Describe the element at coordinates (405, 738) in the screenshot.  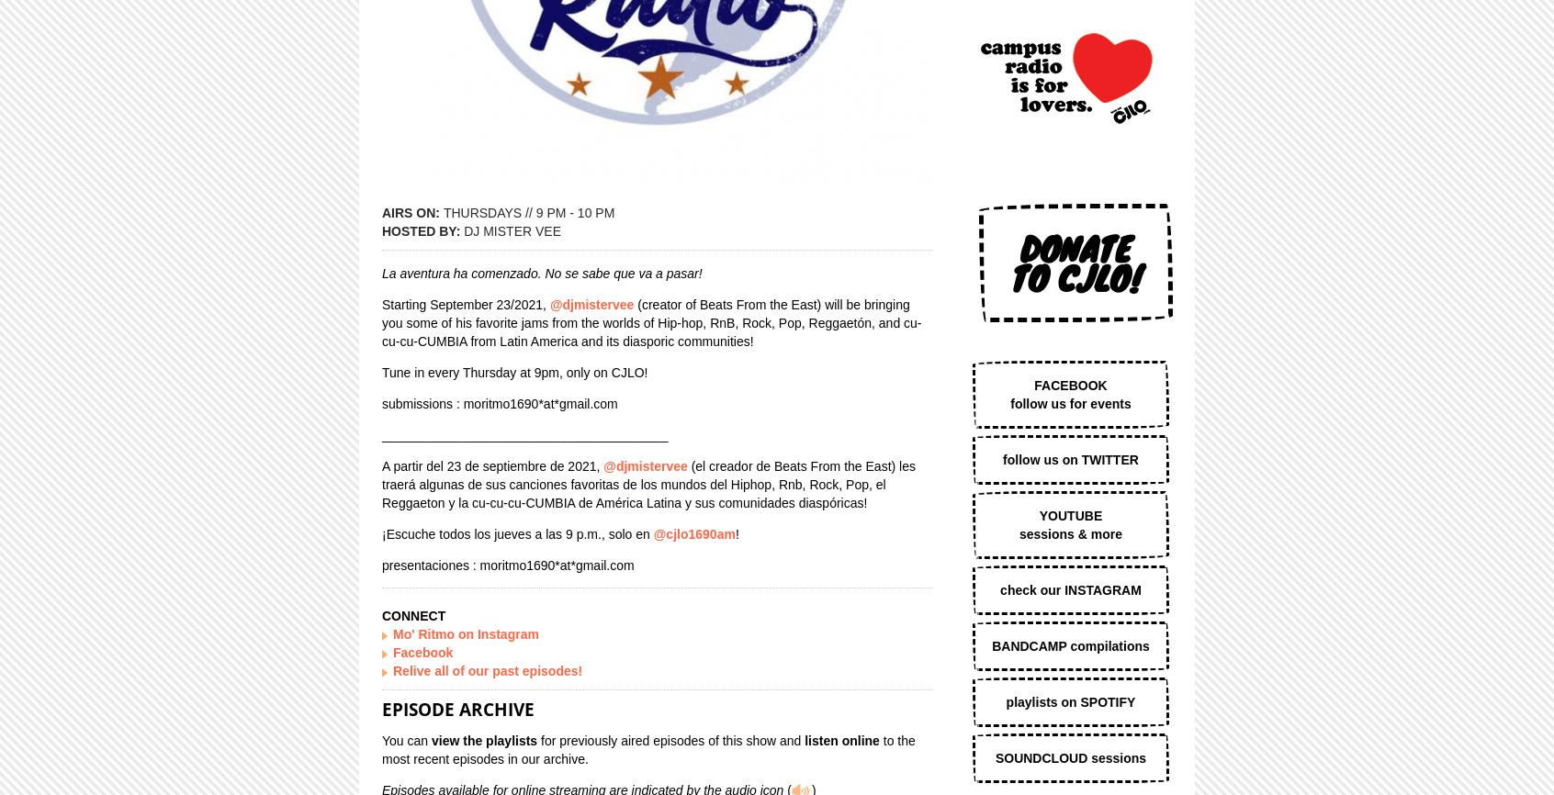
I see `'You can'` at that location.